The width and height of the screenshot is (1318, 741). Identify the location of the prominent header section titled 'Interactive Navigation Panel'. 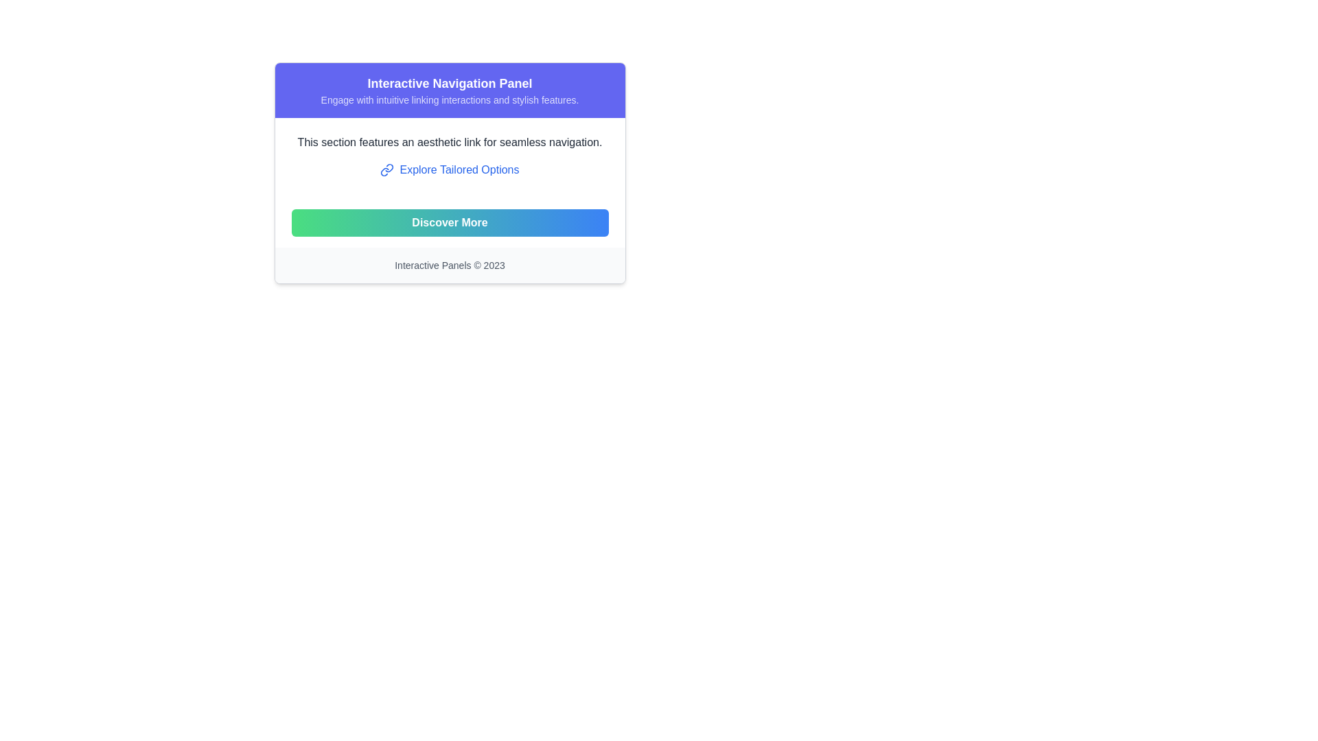
(450, 90).